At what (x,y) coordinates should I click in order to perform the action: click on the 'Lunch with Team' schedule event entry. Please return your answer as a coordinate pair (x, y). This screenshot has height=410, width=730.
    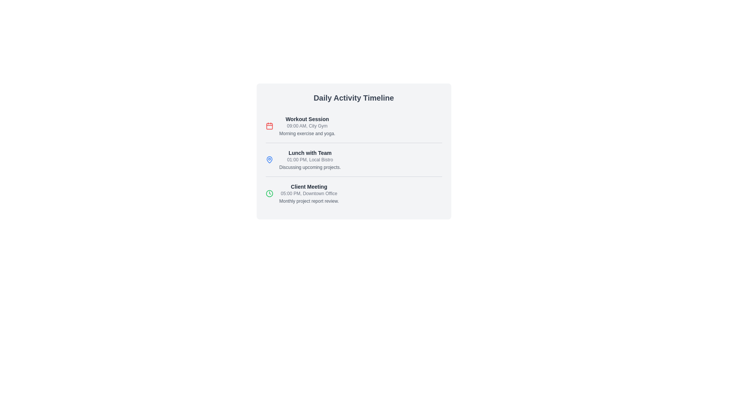
    Looking at the image, I should click on (310, 159).